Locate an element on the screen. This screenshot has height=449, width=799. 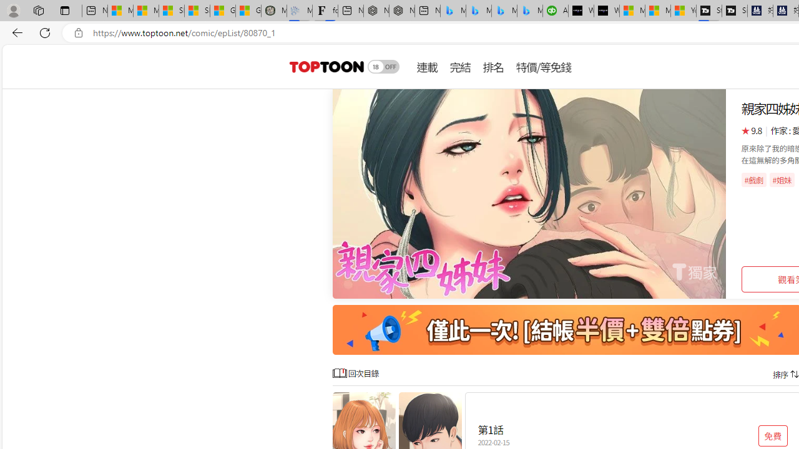
'Gilma and Hector both pose tropical trouble for Hawaii' is located at coordinates (248, 11).